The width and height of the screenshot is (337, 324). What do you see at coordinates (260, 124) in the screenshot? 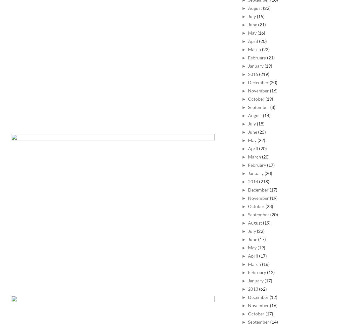
I see `'(18)'` at bounding box center [260, 124].